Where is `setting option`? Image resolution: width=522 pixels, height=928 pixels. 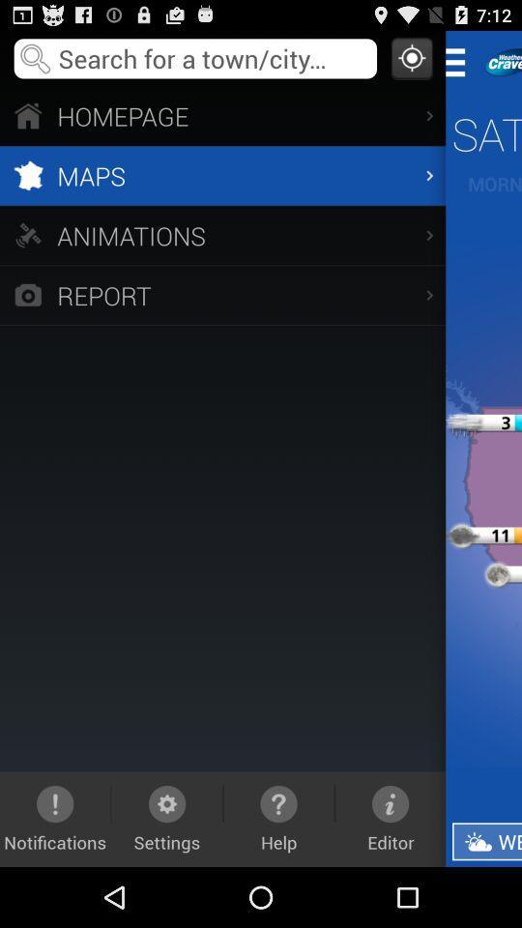
setting option is located at coordinates (460, 62).